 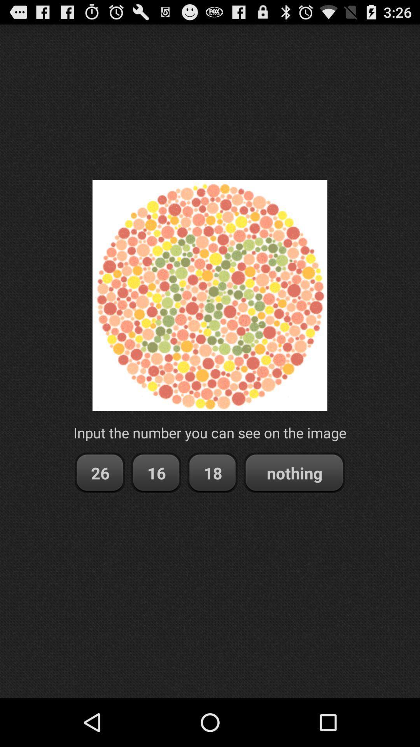 What do you see at coordinates (99, 472) in the screenshot?
I see `the item to the left of the 16 item` at bounding box center [99, 472].